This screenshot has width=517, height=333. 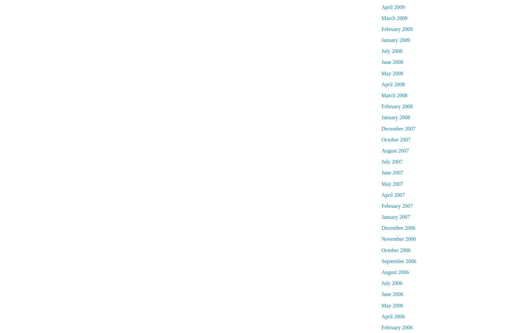 What do you see at coordinates (393, 194) in the screenshot?
I see `'April 2007'` at bounding box center [393, 194].